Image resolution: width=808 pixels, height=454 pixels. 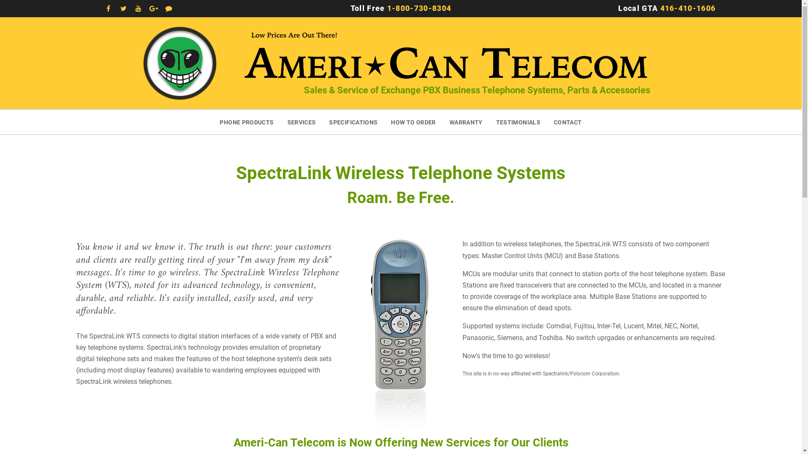 I want to click on 'TESTIMONIALS', so click(x=489, y=121).